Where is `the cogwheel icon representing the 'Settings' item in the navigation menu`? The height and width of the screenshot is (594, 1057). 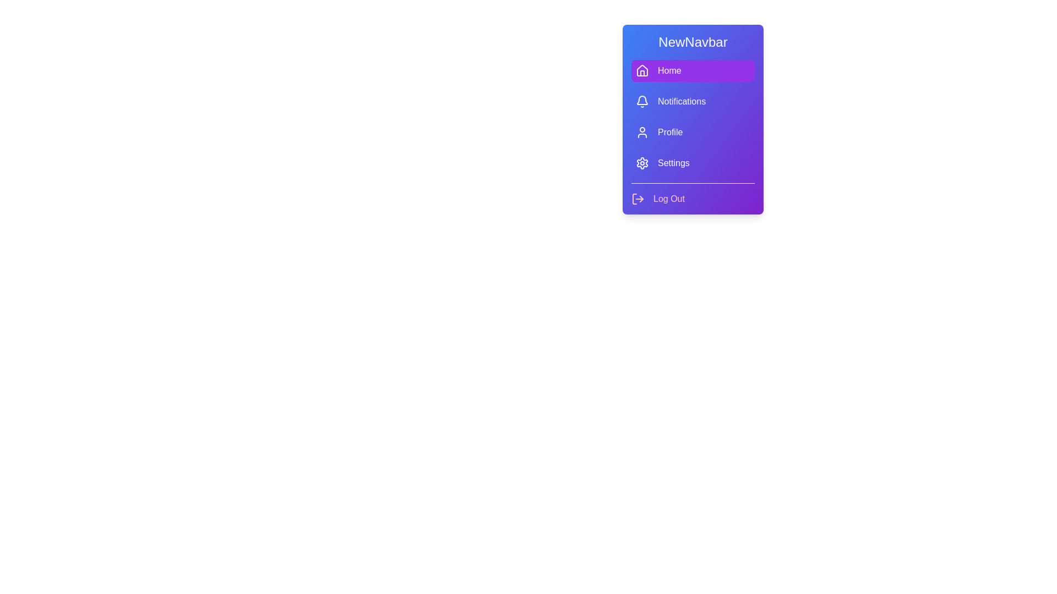
the cogwheel icon representing the 'Settings' item in the navigation menu is located at coordinates (642, 163).